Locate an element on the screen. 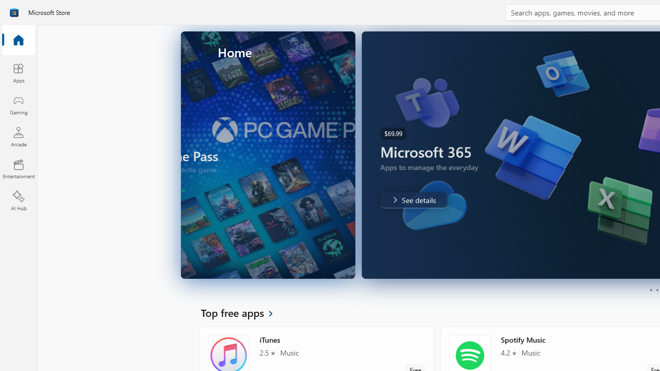  'Home' is located at coordinates (18, 40).